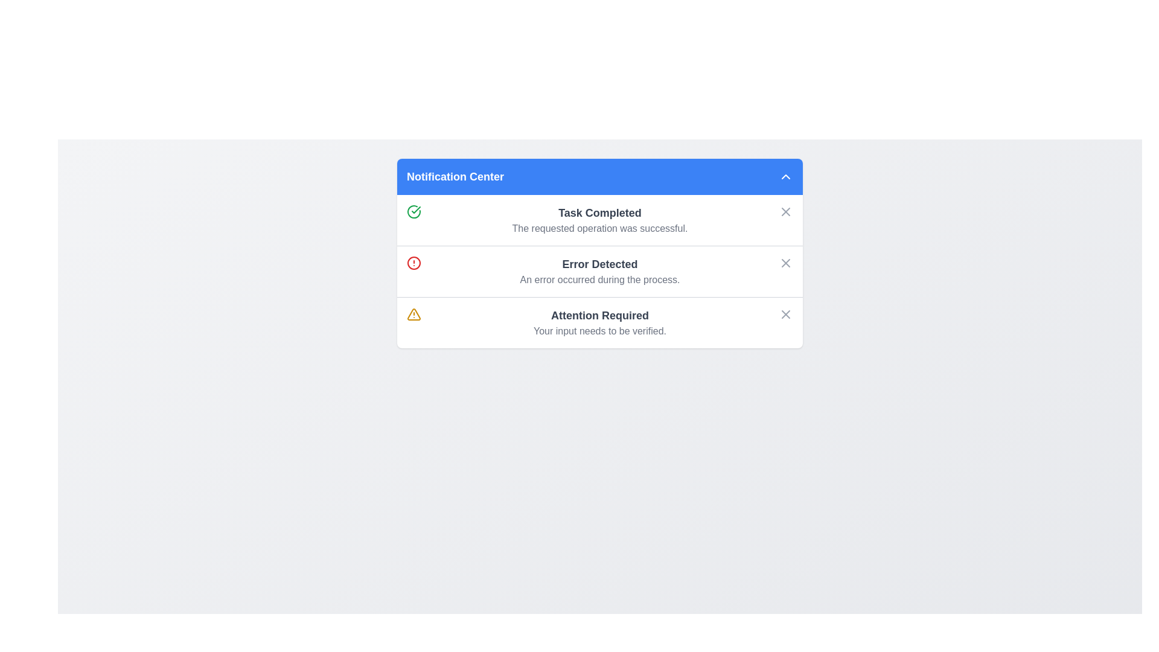 The width and height of the screenshot is (1159, 652). What do you see at coordinates (785, 262) in the screenshot?
I see `the Close button, which is an 'X' icon in gray tones located at the top-right corner of the 'Error Detected' notification` at bounding box center [785, 262].